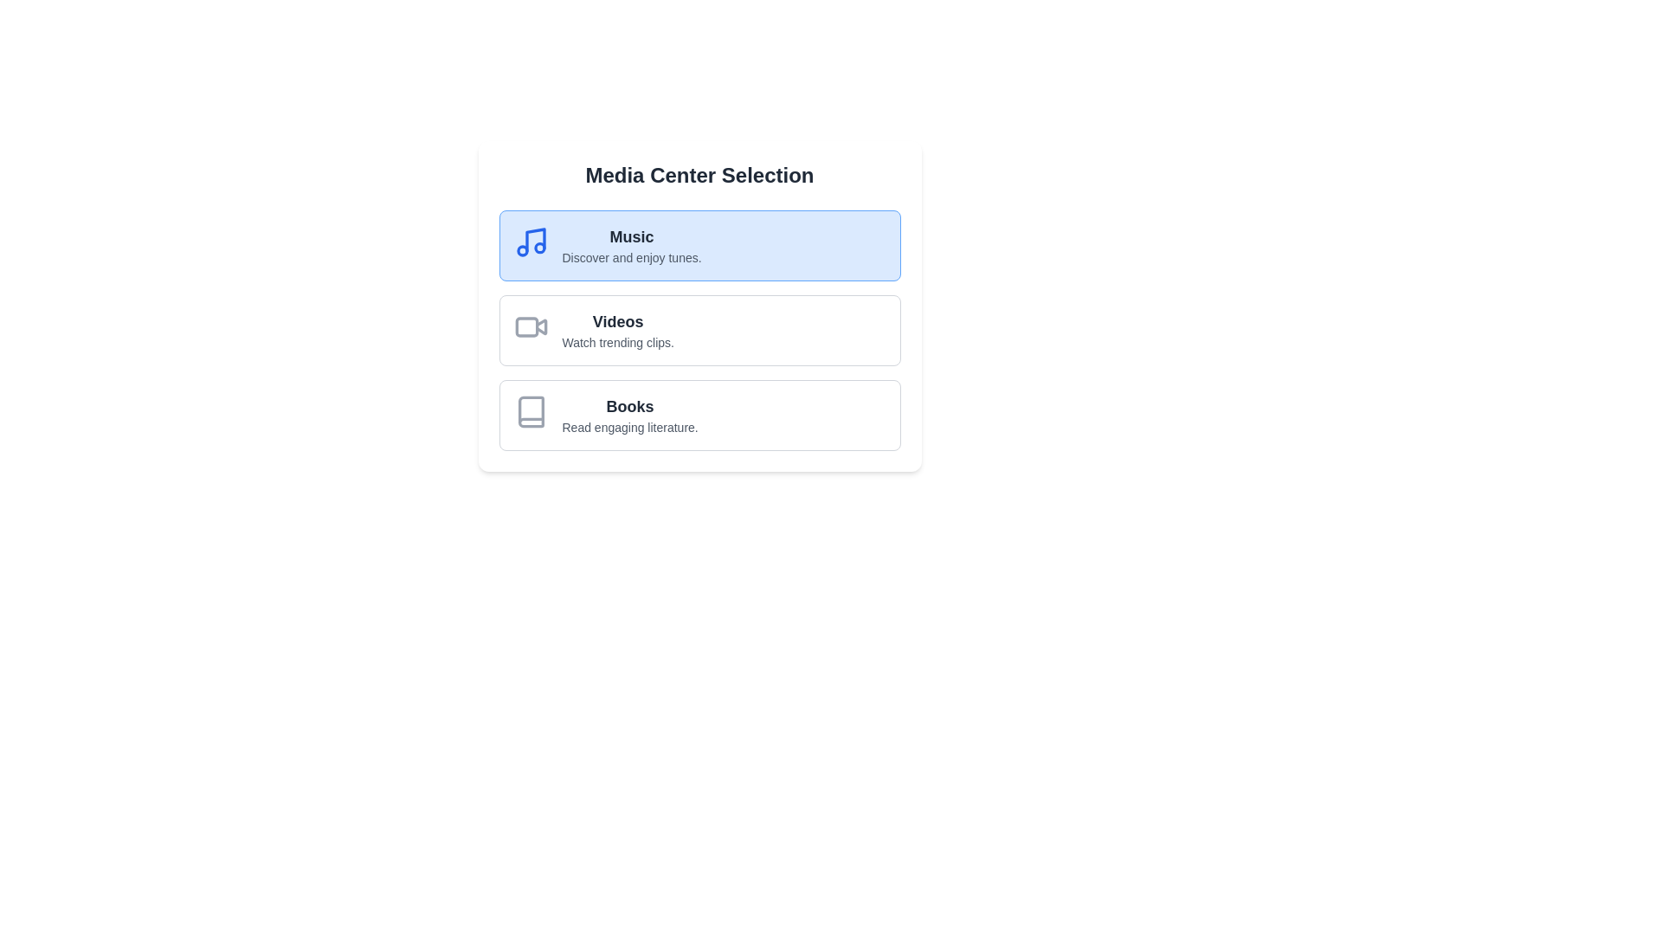  I want to click on the text label that says 'Watch trending clips.' which is located directly below the 'Videos' heading in the second section of the component list, so click(618, 343).